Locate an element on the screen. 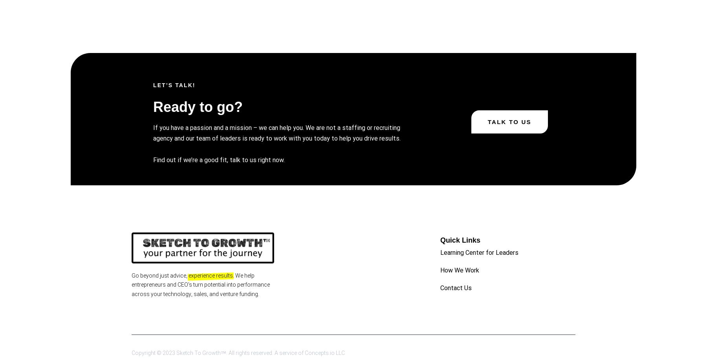 The width and height of the screenshot is (707, 362). 'Let’s talk!' is located at coordinates (174, 85).